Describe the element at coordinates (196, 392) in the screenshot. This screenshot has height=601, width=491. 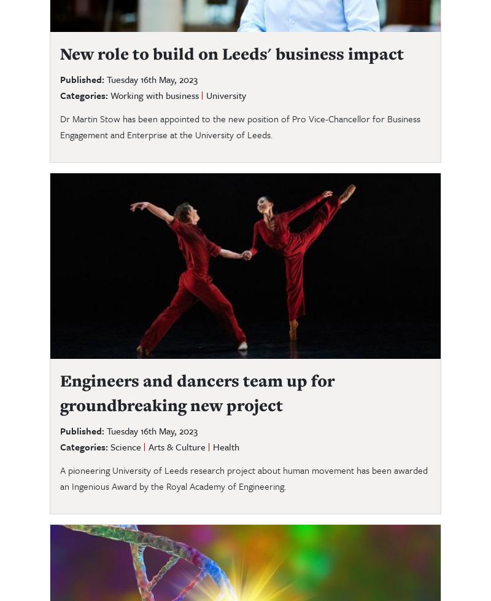
I see `'Engineers and dancers team up for groundbreaking new project'` at that location.